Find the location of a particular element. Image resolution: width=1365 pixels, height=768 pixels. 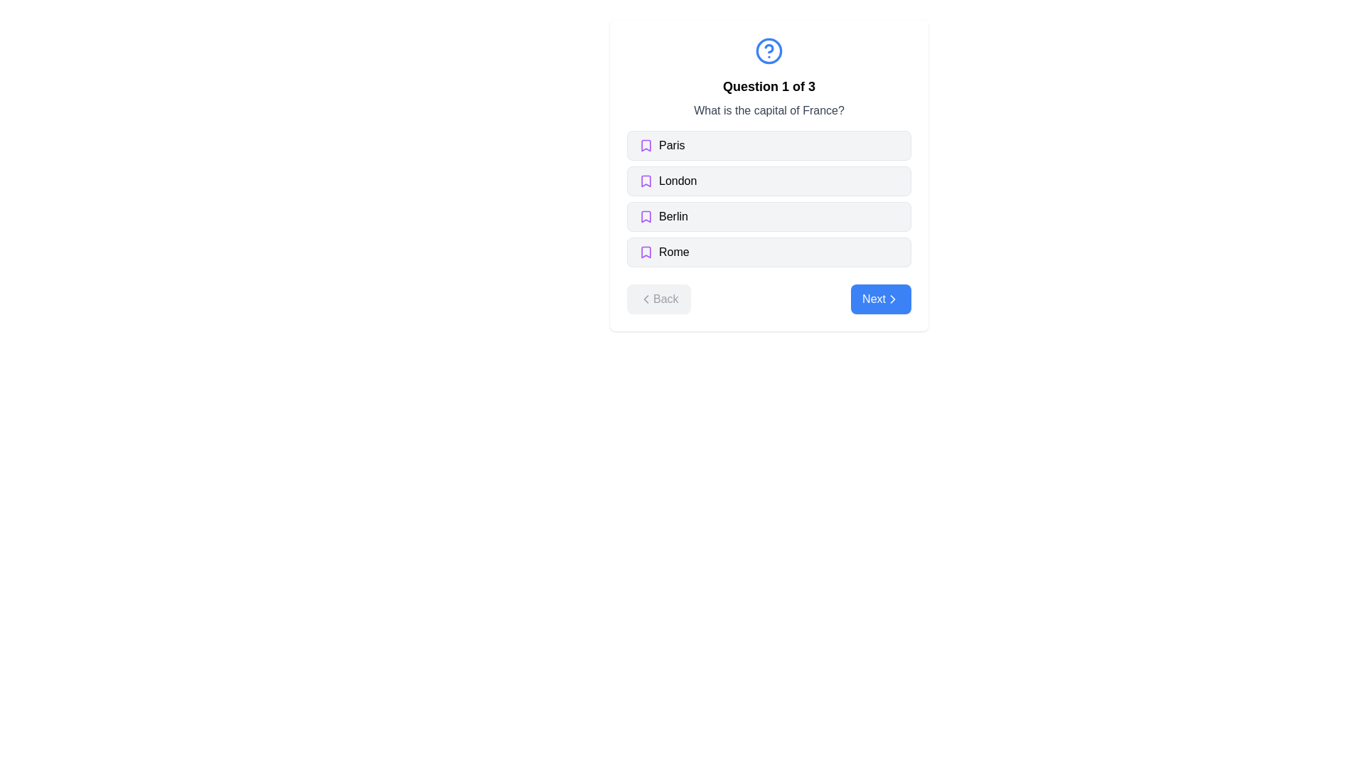

the disabled 'Previous' button, which is the first button in a horizontal layout of two buttons, to navigate to the previous step is located at coordinates (658, 298).